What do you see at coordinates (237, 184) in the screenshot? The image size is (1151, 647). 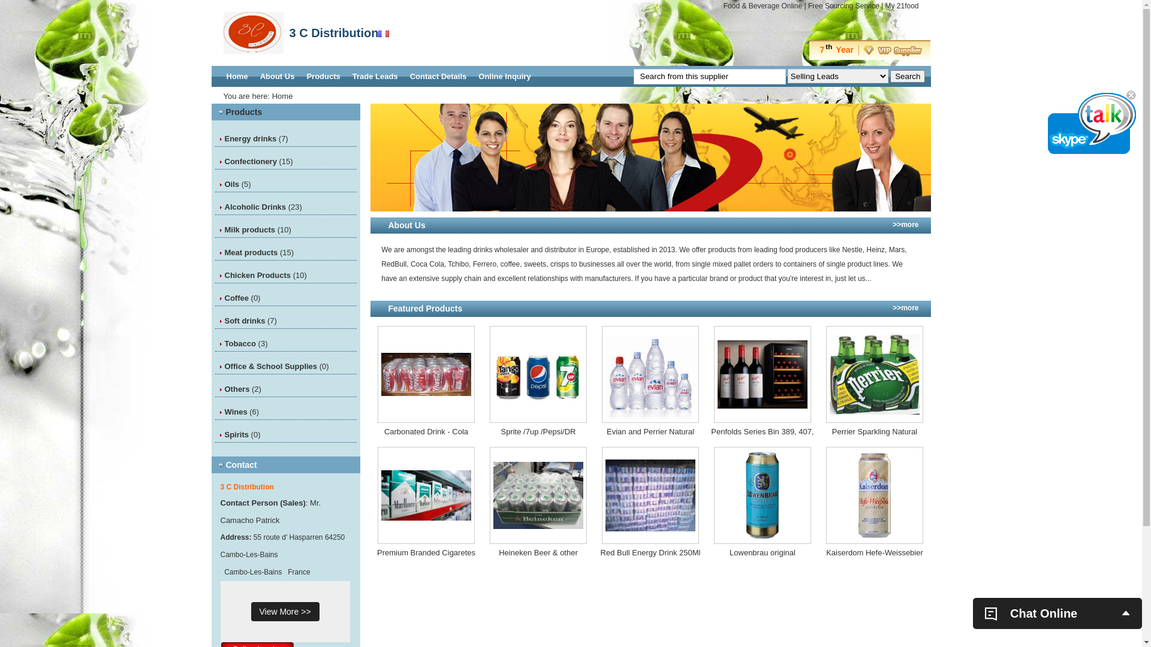 I see `'Oils (5)'` at bounding box center [237, 184].